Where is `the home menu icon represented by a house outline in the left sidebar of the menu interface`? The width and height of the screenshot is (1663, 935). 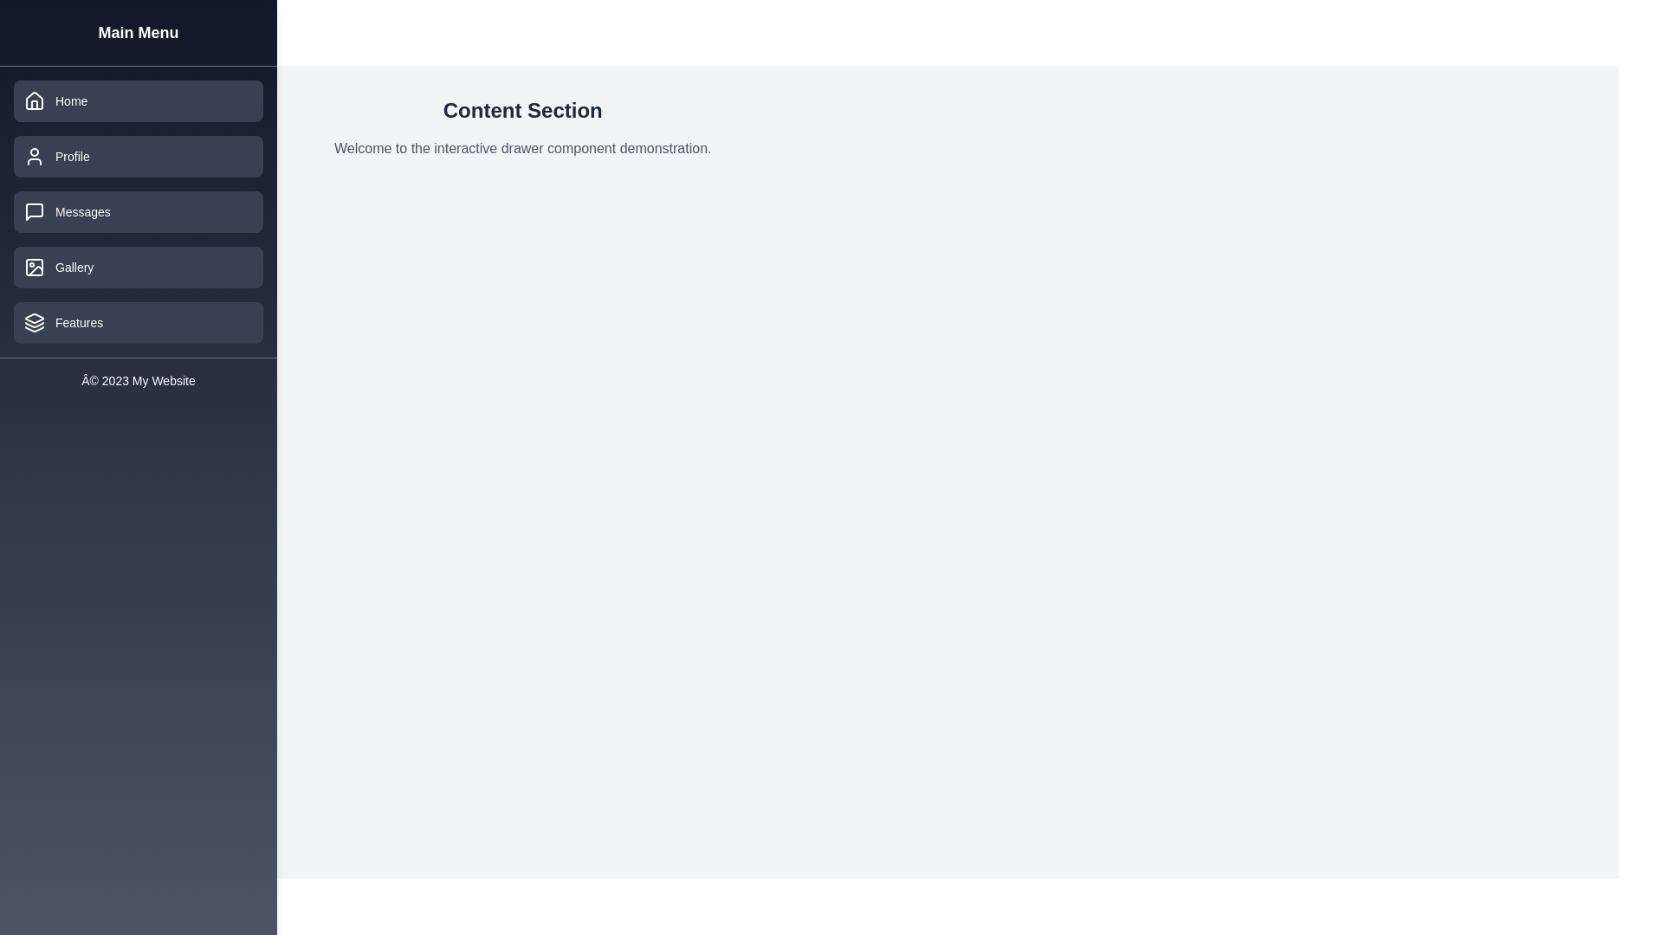 the home menu icon represented by a house outline in the left sidebar of the menu interface is located at coordinates (34, 100).